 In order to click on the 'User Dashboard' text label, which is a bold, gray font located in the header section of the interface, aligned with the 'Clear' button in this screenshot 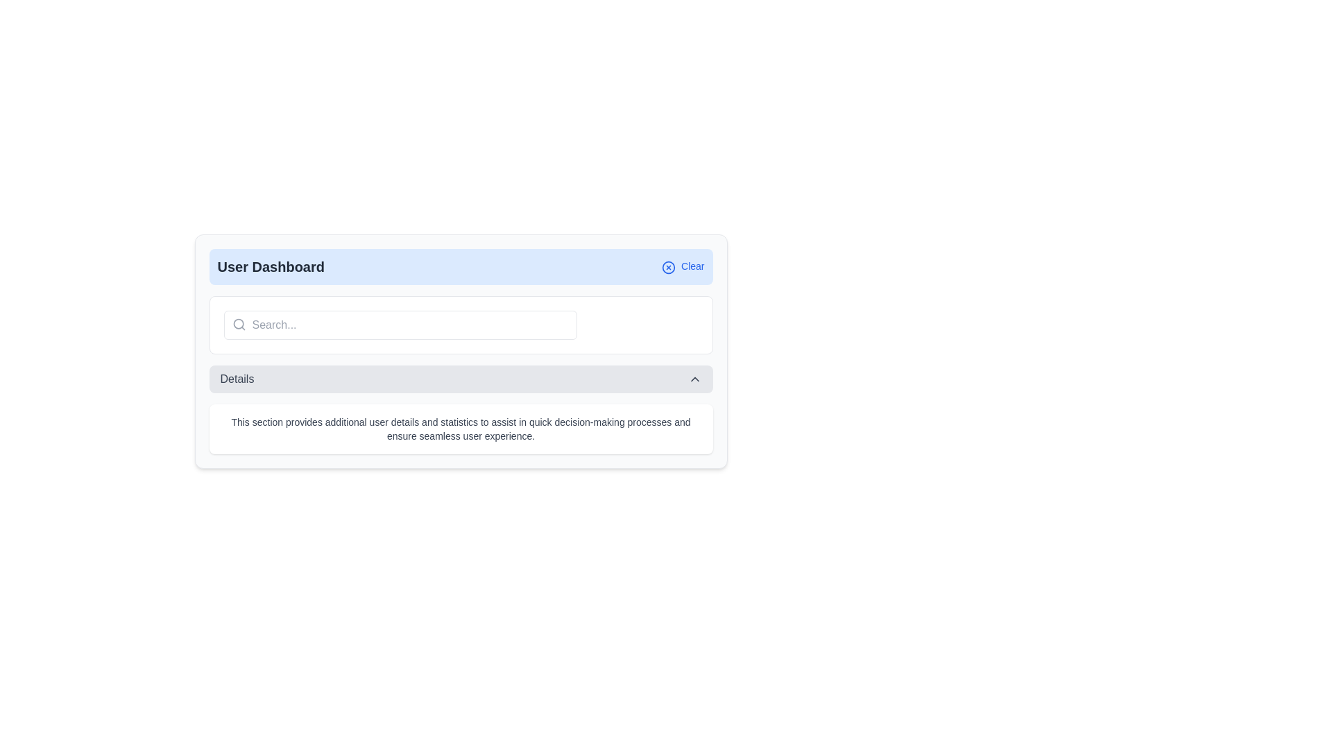, I will do `click(271, 267)`.